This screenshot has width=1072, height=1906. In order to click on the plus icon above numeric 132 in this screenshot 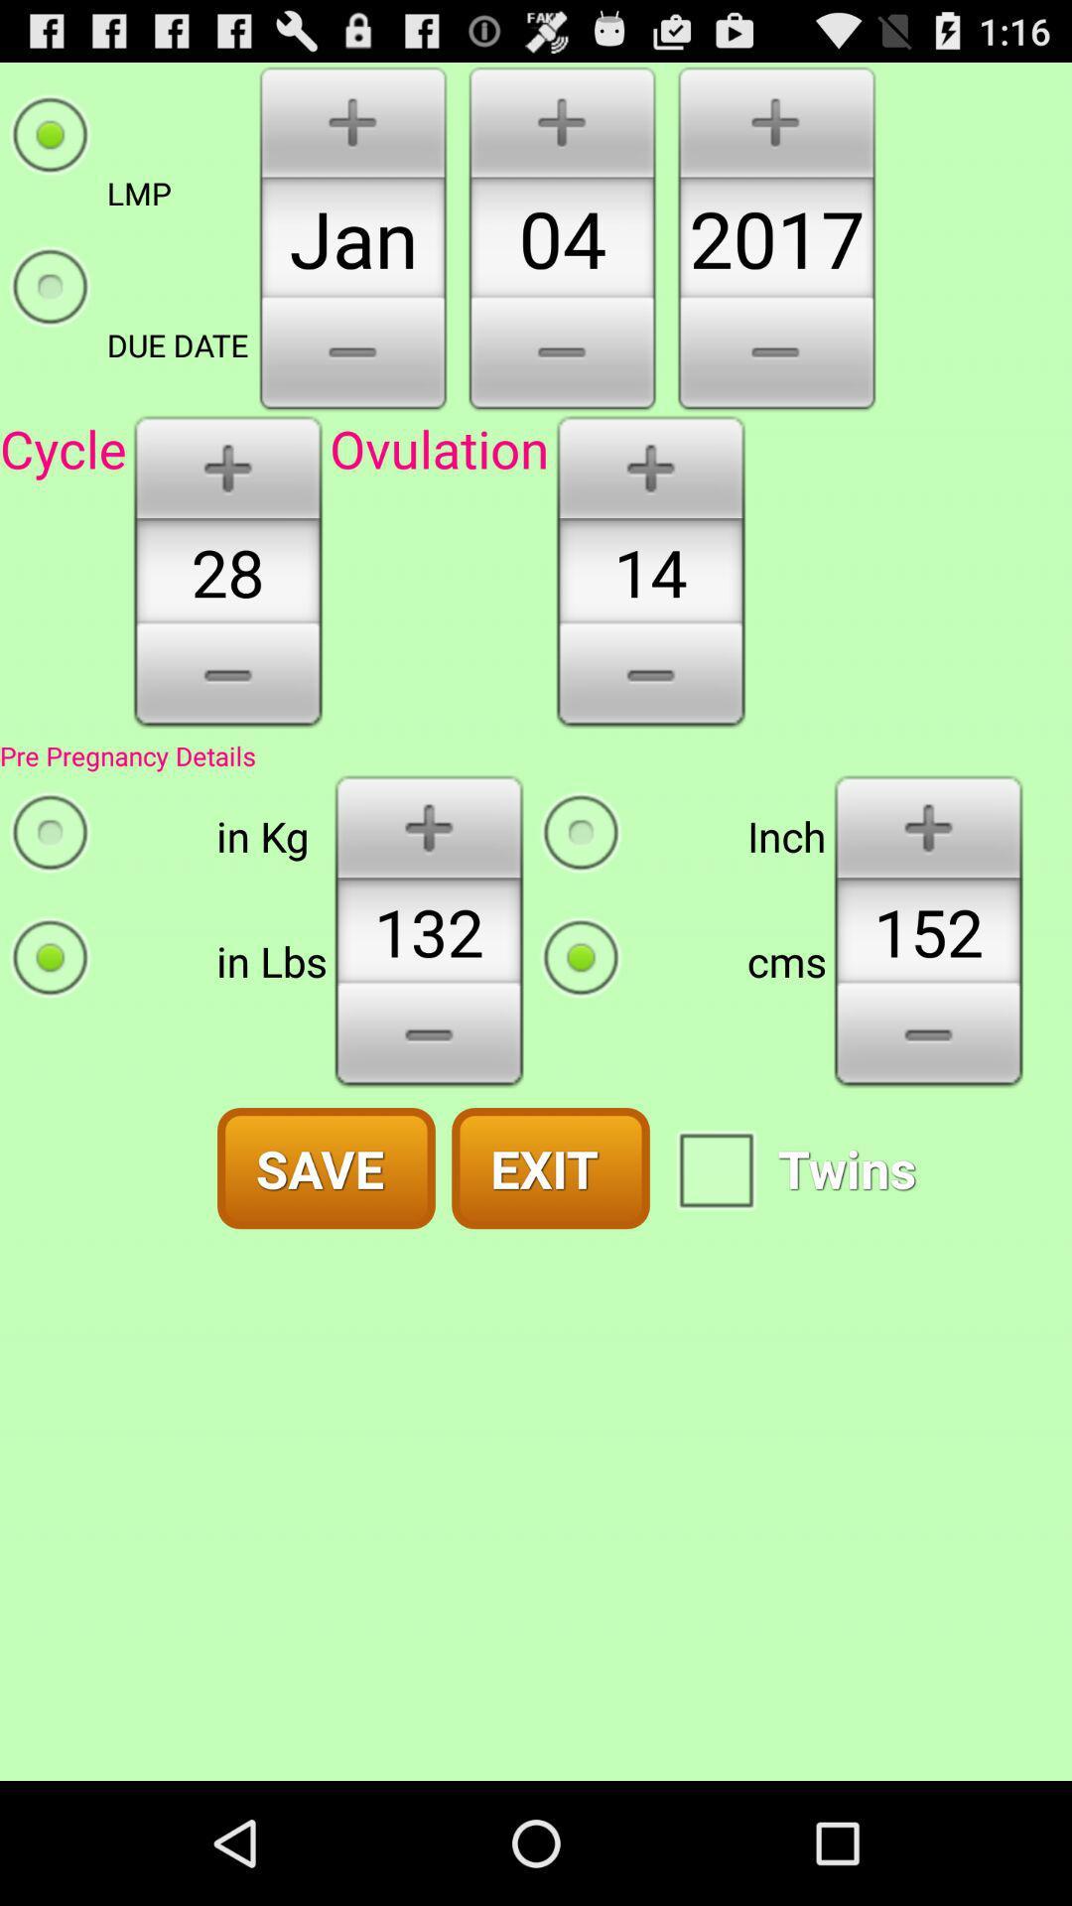, I will do `click(428, 825)`.